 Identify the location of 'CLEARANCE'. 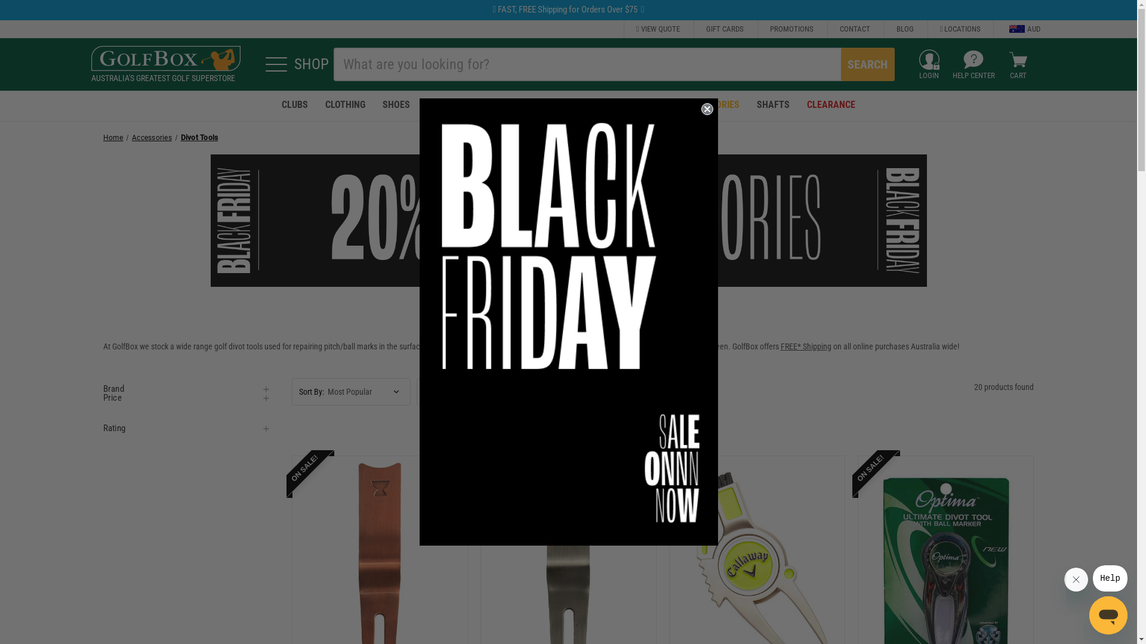
(799, 105).